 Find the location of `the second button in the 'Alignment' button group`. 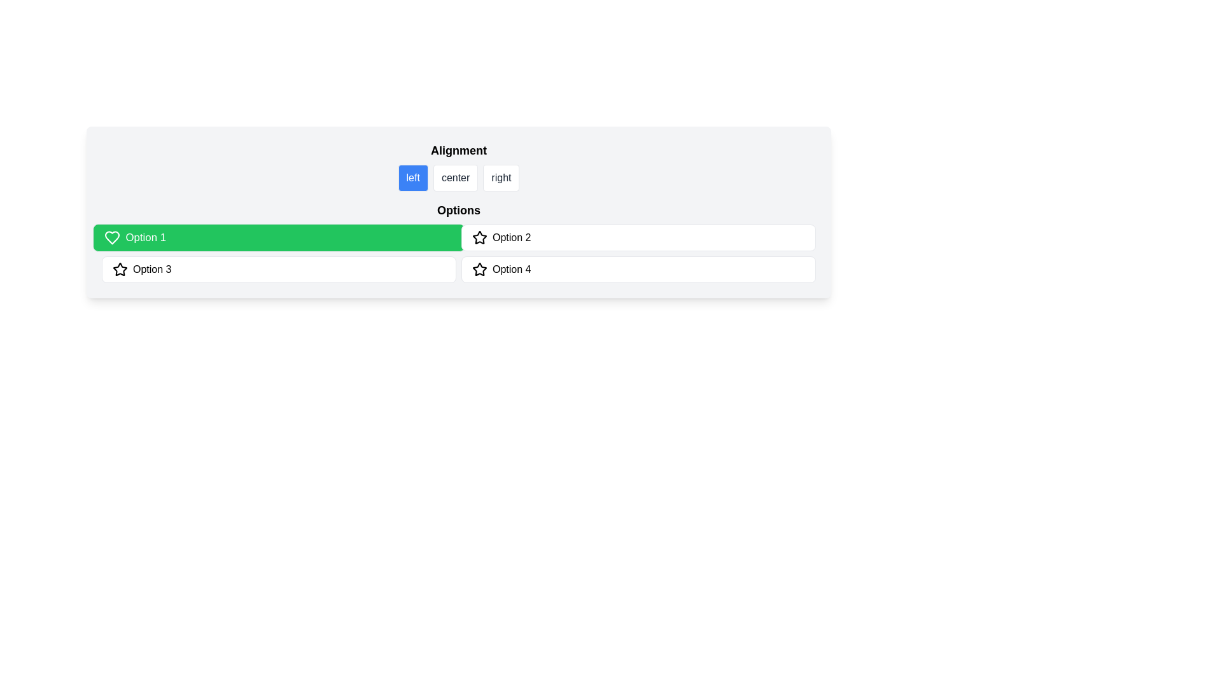

the second button in the 'Alignment' button group is located at coordinates (458, 178).